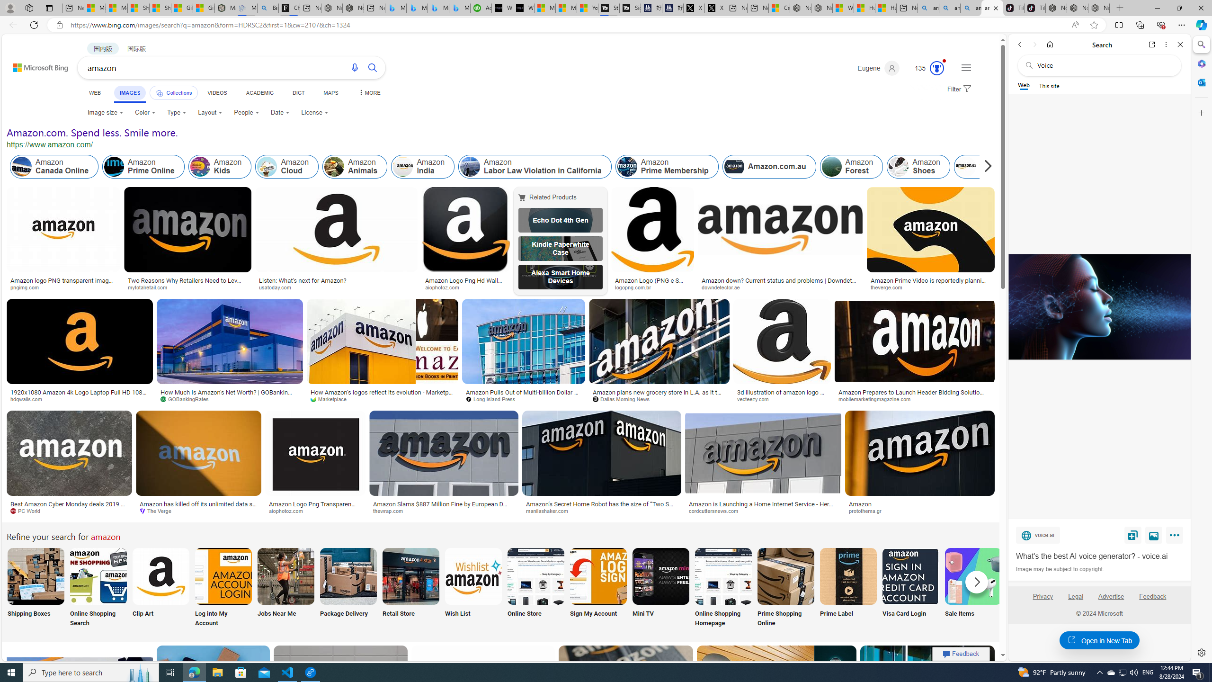  I want to click on 'Customize', so click(1200, 112).